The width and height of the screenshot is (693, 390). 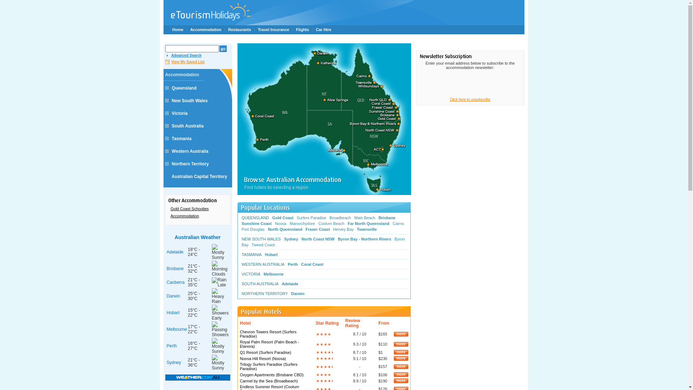 I want to click on 'Fraser Coast', so click(x=318, y=229).